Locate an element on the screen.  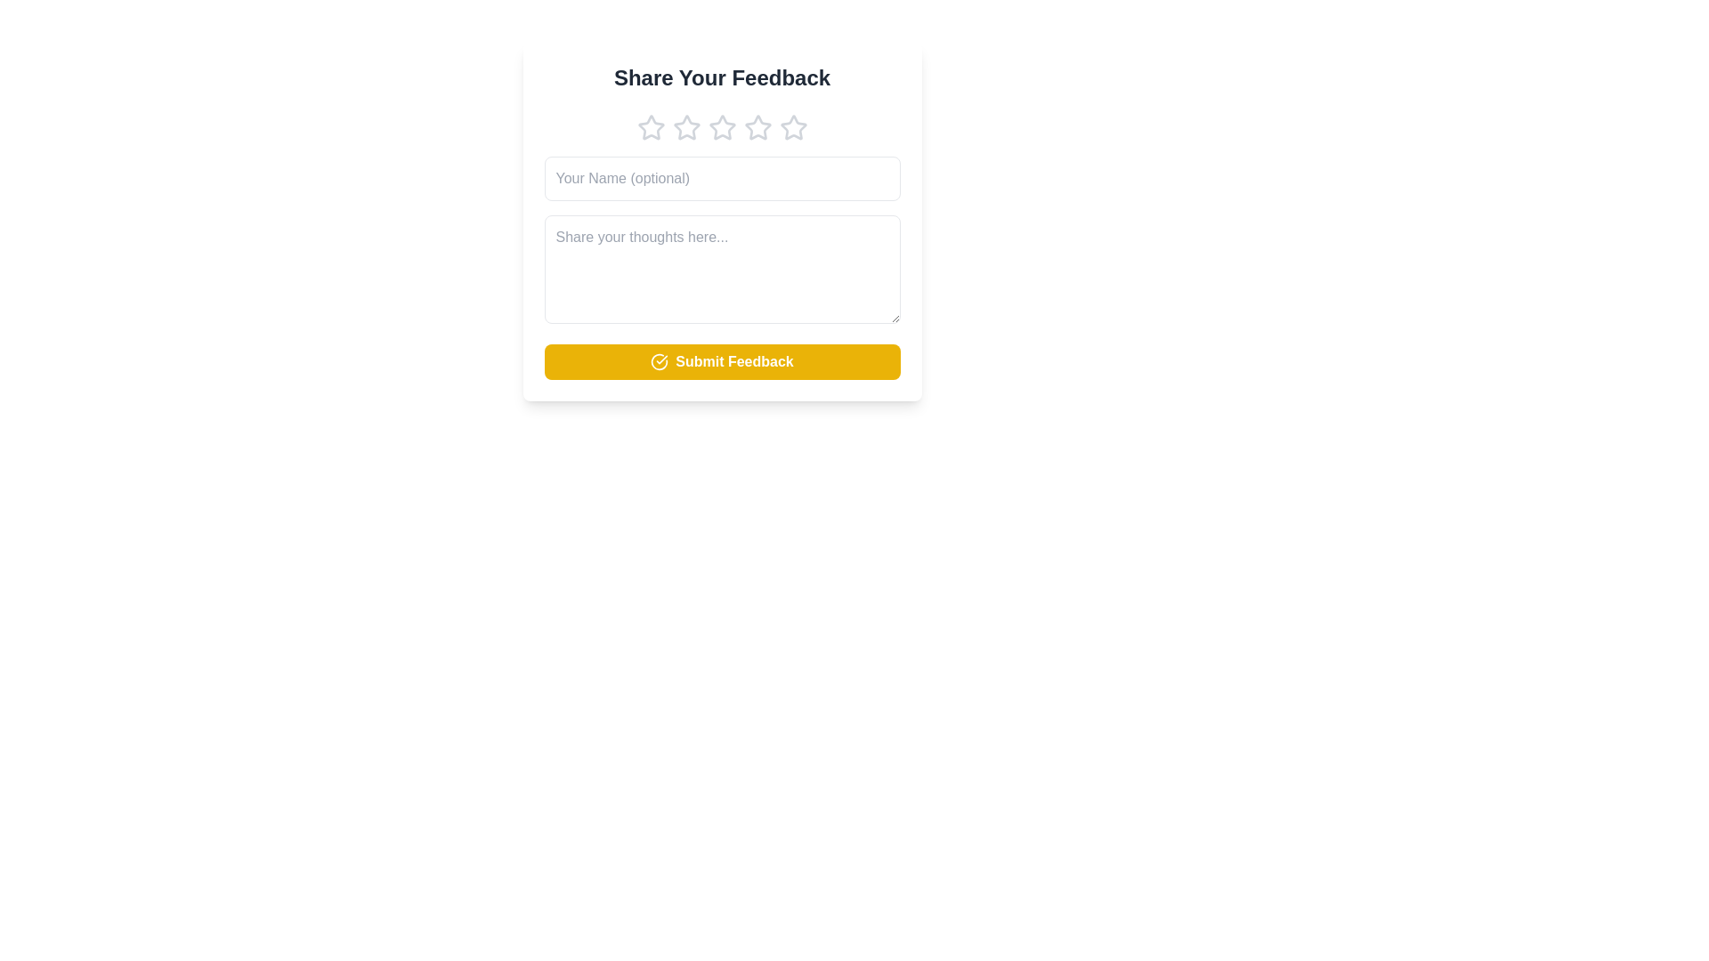
the second star in the Rating Star Set below the 'Share Your Feedback' heading is located at coordinates (722, 126).